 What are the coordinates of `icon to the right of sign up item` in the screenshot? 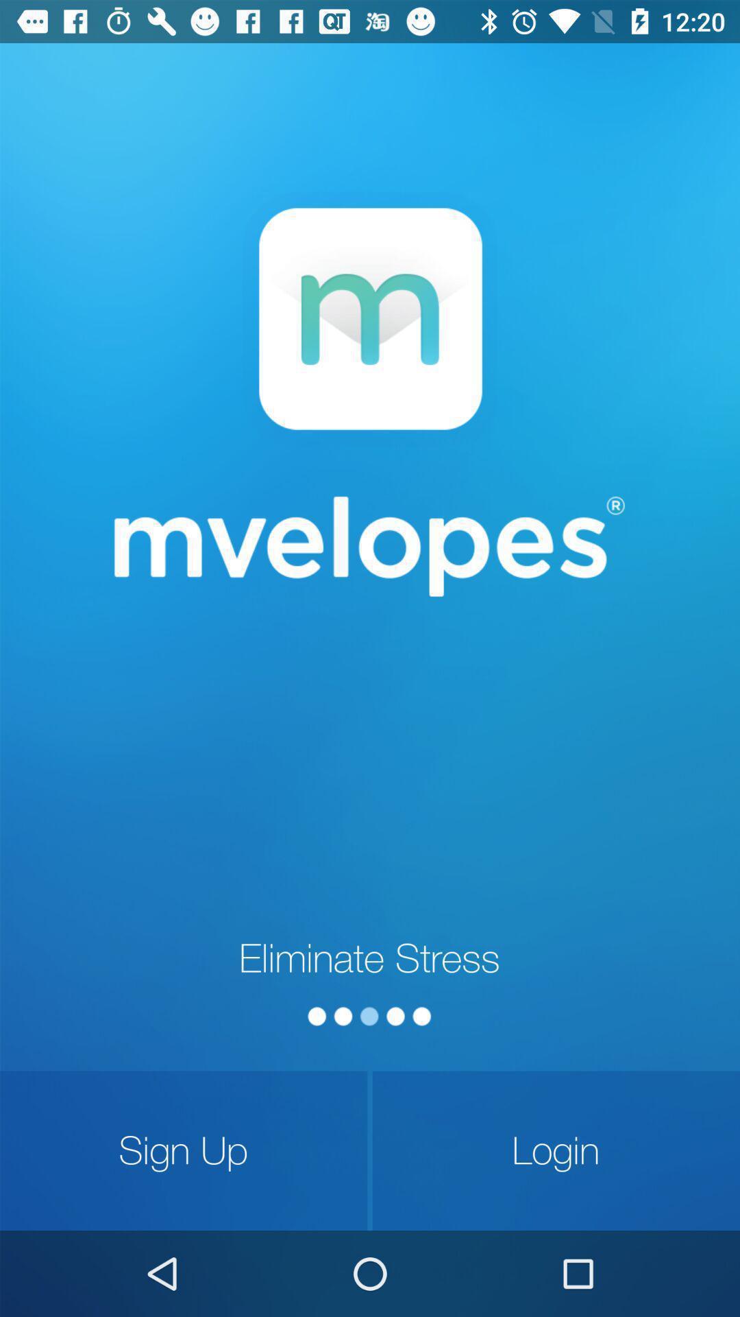 It's located at (556, 1150).